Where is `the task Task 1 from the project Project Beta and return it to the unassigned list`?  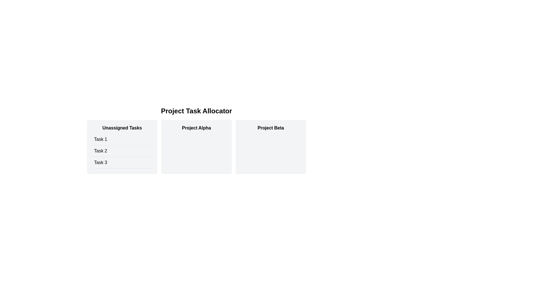
the task Task 1 from the project Project Beta and return it to the unassigned list is located at coordinates (270, 146).